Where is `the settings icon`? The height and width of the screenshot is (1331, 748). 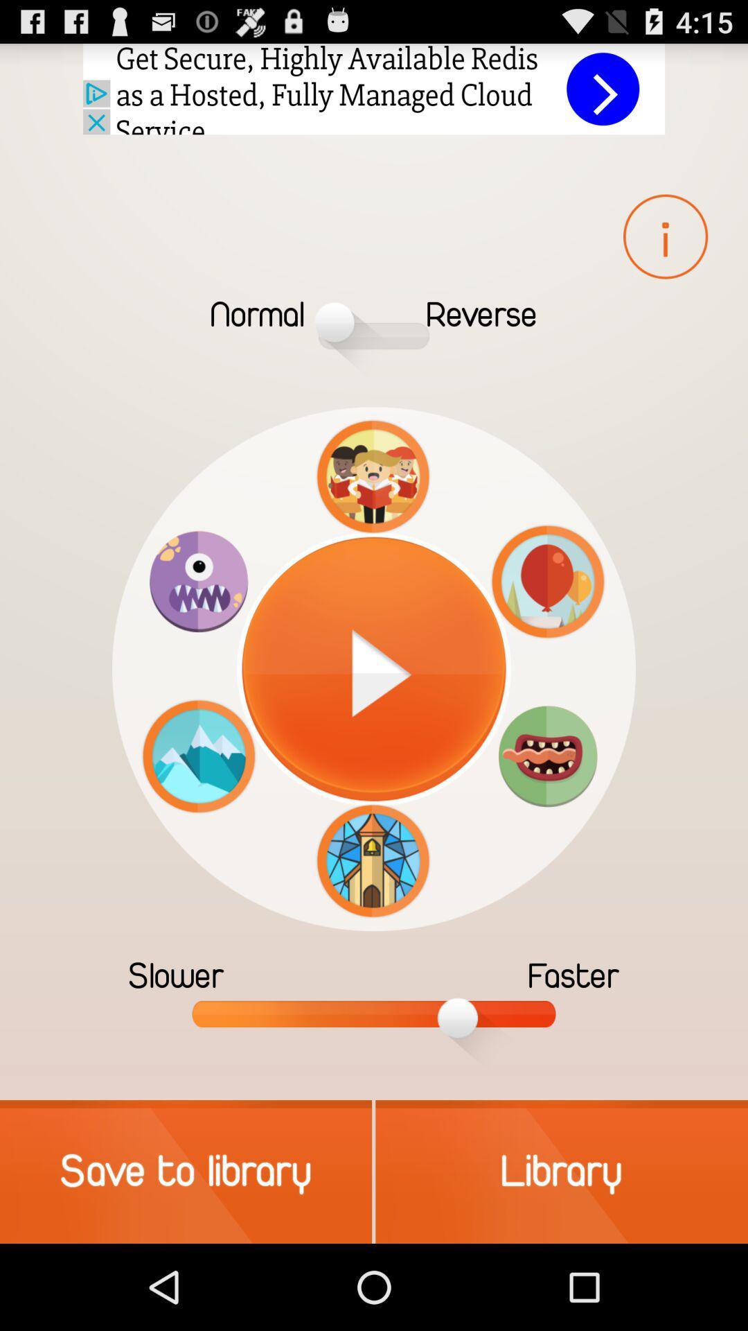 the settings icon is located at coordinates (547, 809).